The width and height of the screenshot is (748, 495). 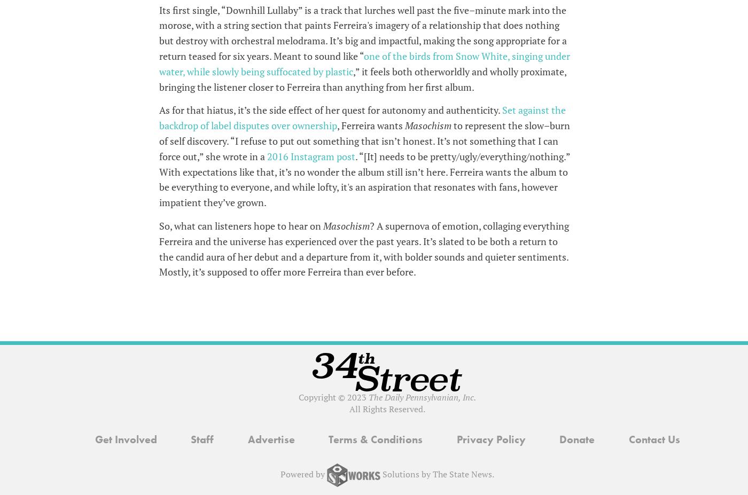 I want to click on 'Donate', so click(x=576, y=439).